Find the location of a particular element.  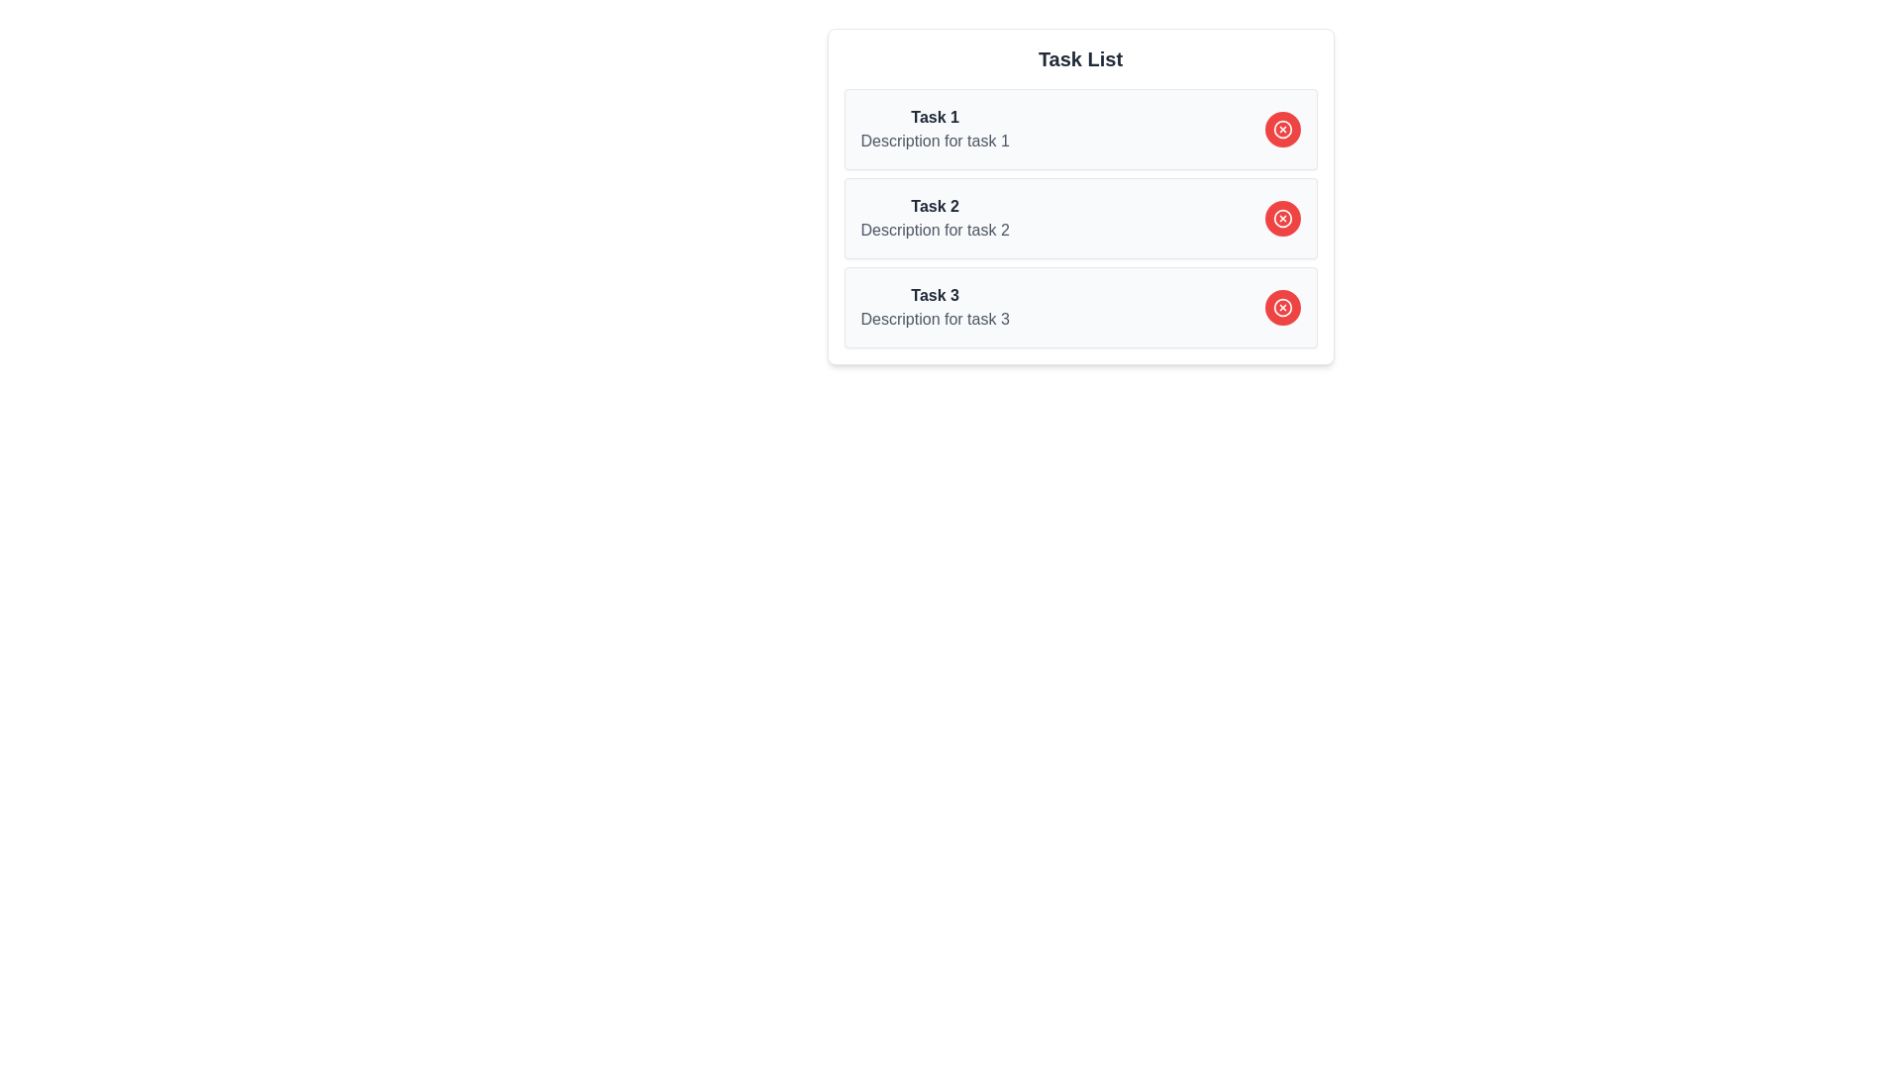

the static text reading 'Description for task 1', which is styled in a lighter gray color and located below the main title 'Task 1' within the task card layout is located at coordinates (934, 140).